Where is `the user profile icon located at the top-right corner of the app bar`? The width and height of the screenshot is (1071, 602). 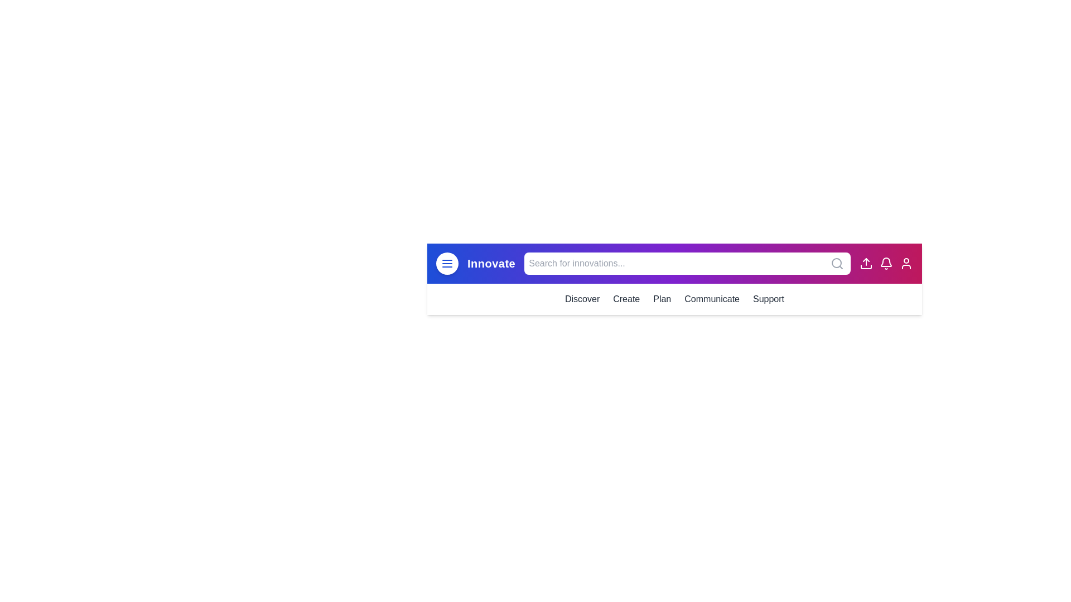 the user profile icon located at the top-right corner of the app bar is located at coordinates (906, 264).